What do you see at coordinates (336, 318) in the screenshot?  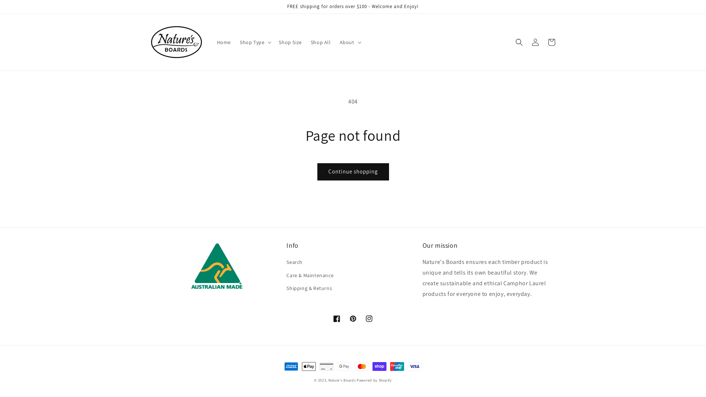 I see `'Facebook'` at bounding box center [336, 318].